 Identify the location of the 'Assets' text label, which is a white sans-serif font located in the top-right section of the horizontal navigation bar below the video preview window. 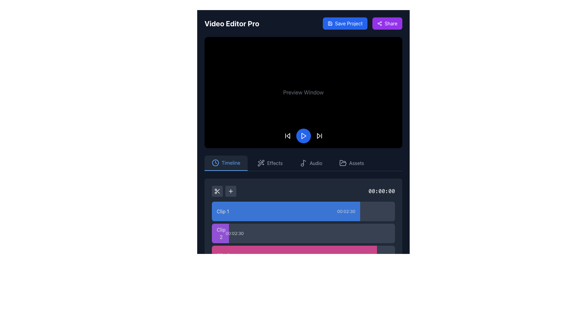
(356, 163).